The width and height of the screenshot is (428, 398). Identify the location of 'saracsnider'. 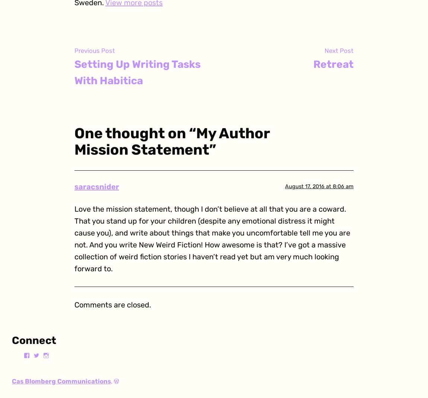
(96, 186).